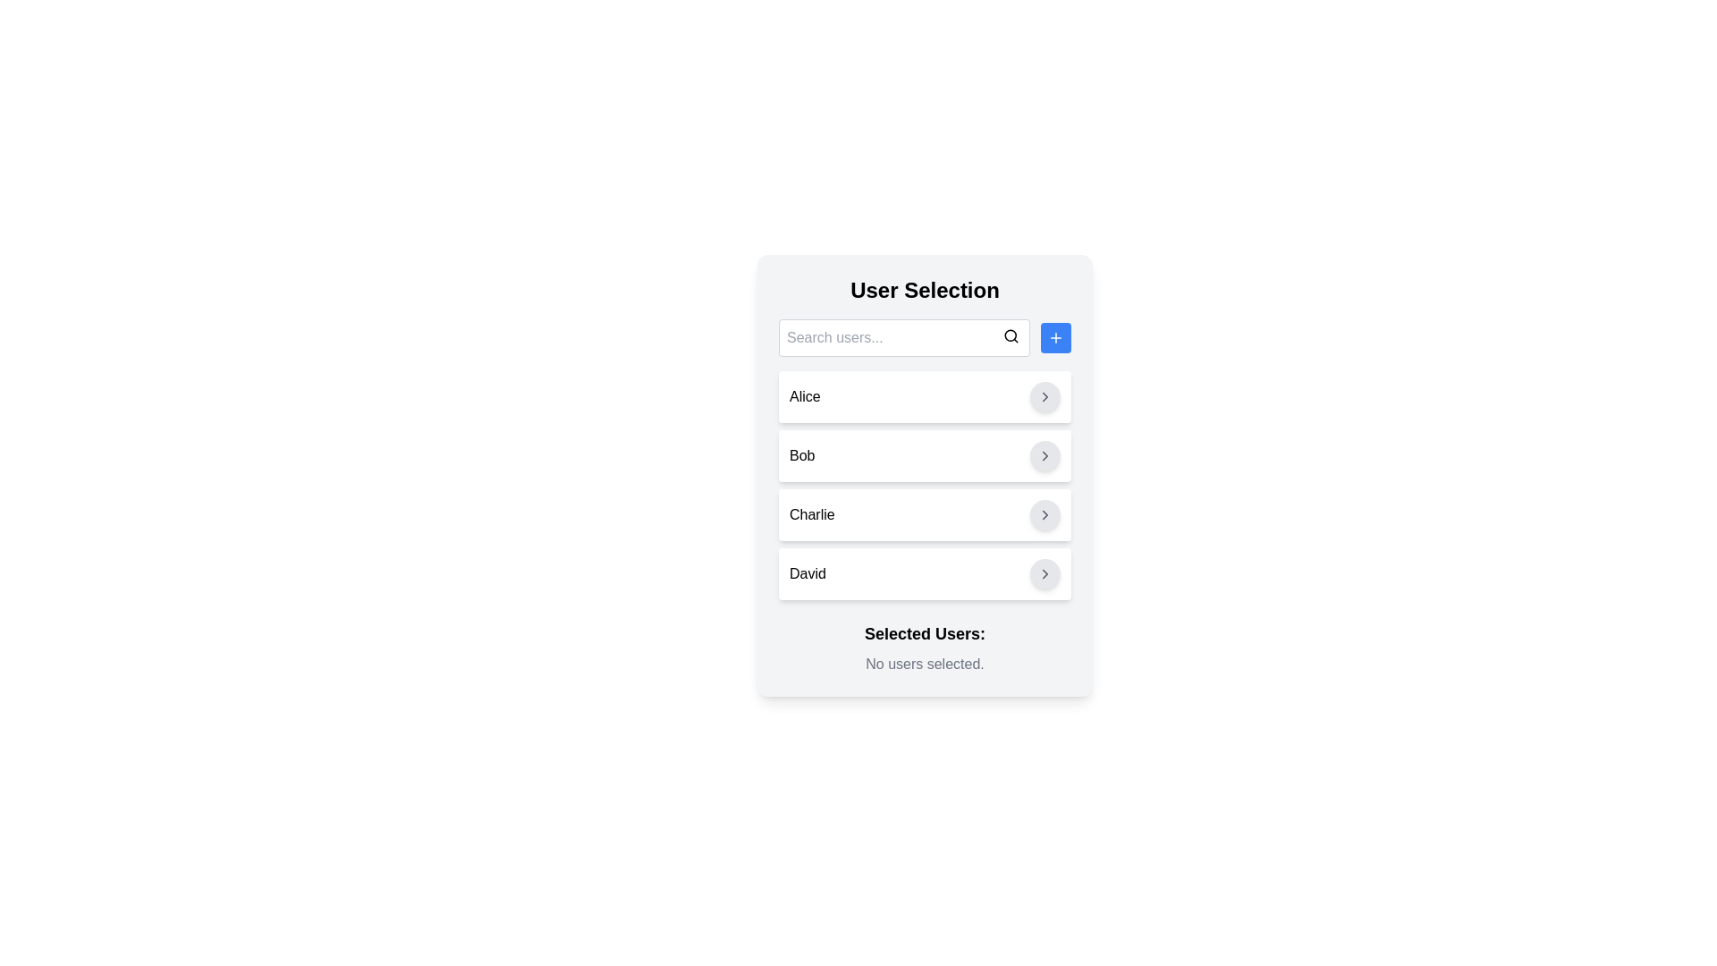 Image resolution: width=1717 pixels, height=966 pixels. Describe the element at coordinates (1011, 335) in the screenshot. I see `the Graphical Circle Component, which is part of the search icon representing the lens of a magnifying glass, located near the top-right corner of its section adjacent to the search input field` at that location.